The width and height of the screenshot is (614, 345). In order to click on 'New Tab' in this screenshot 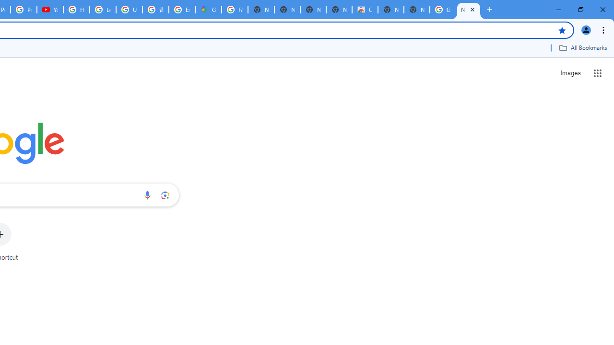, I will do `click(468, 10)`.